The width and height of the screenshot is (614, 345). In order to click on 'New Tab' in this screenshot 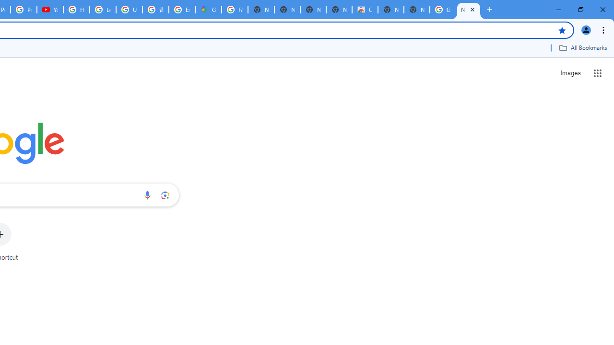, I will do `click(468, 10)`.